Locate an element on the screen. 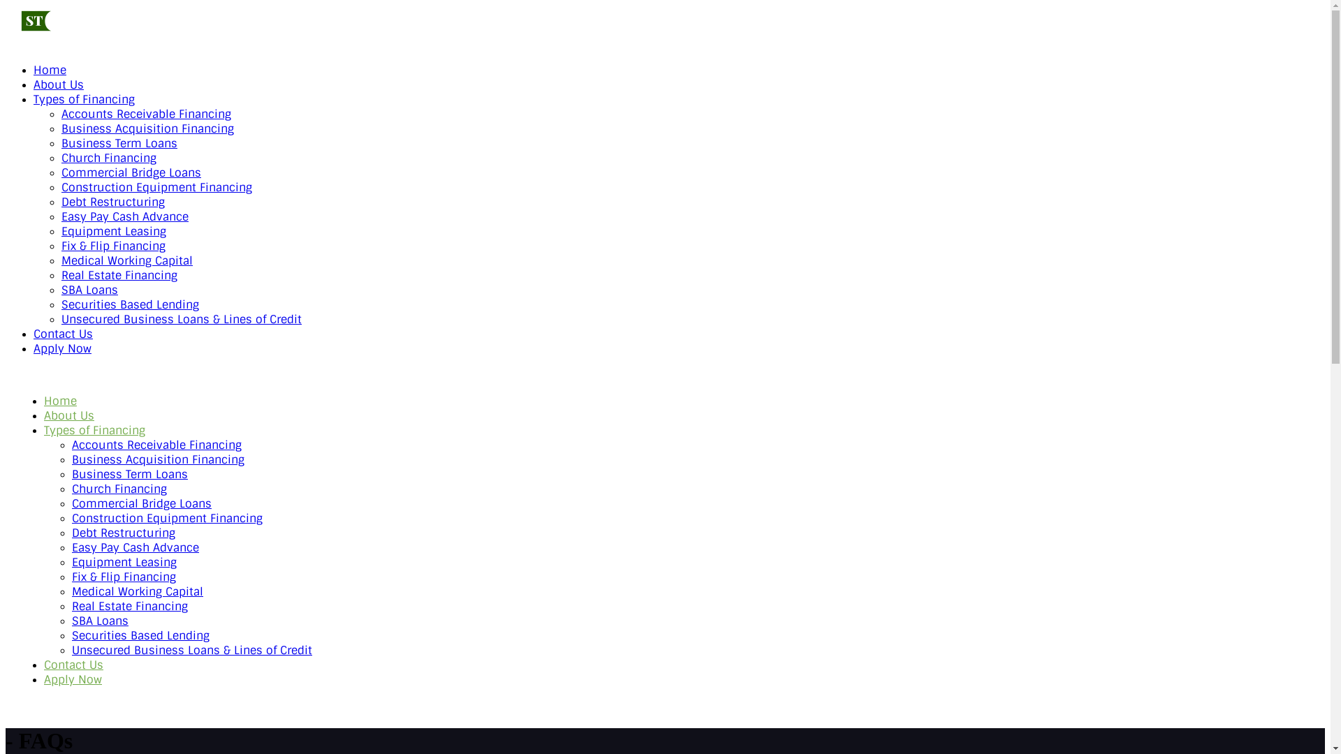 The height and width of the screenshot is (754, 1341). 'Types of Financing' is located at coordinates (94, 429).